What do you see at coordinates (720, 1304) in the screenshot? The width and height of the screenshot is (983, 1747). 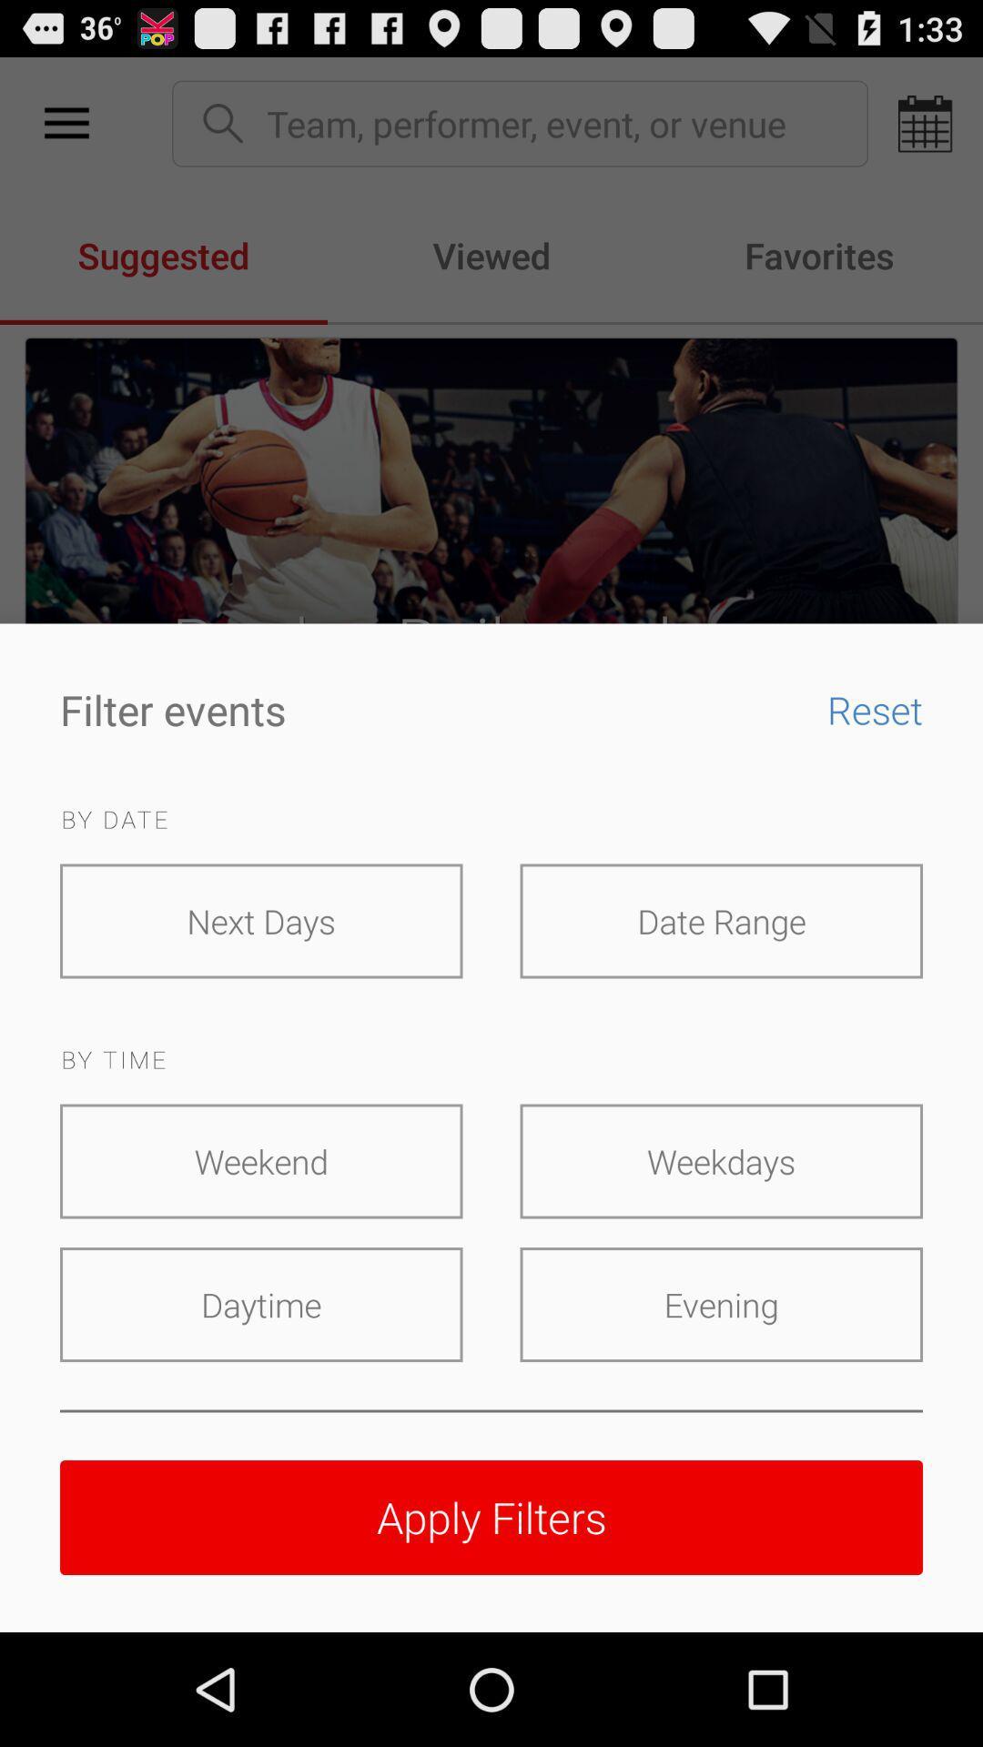 I see `the item below weekdays` at bounding box center [720, 1304].